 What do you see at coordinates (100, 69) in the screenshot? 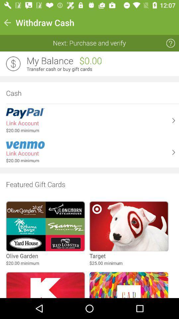
I see `the transfer cash or item` at bounding box center [100, 69].